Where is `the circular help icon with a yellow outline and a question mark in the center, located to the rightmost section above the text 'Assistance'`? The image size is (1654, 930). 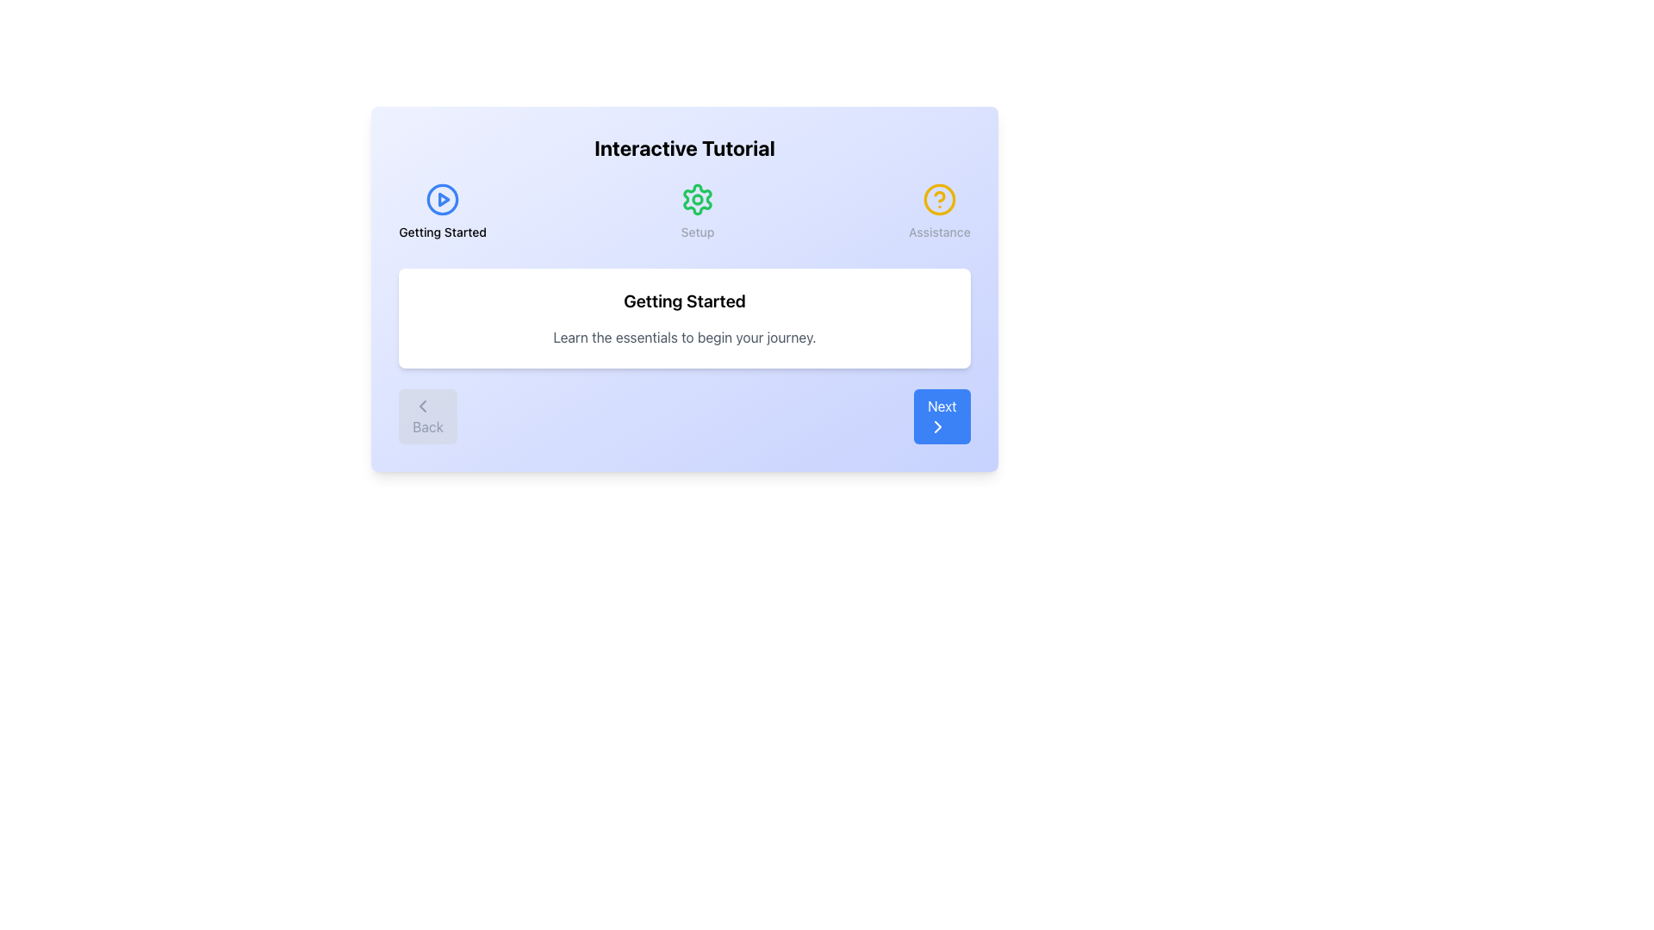 the circular help icon with a yellow outline and a question mark in the center, located to the rightmost section above the text 'Assistance' is located at coordinates (938, 198).